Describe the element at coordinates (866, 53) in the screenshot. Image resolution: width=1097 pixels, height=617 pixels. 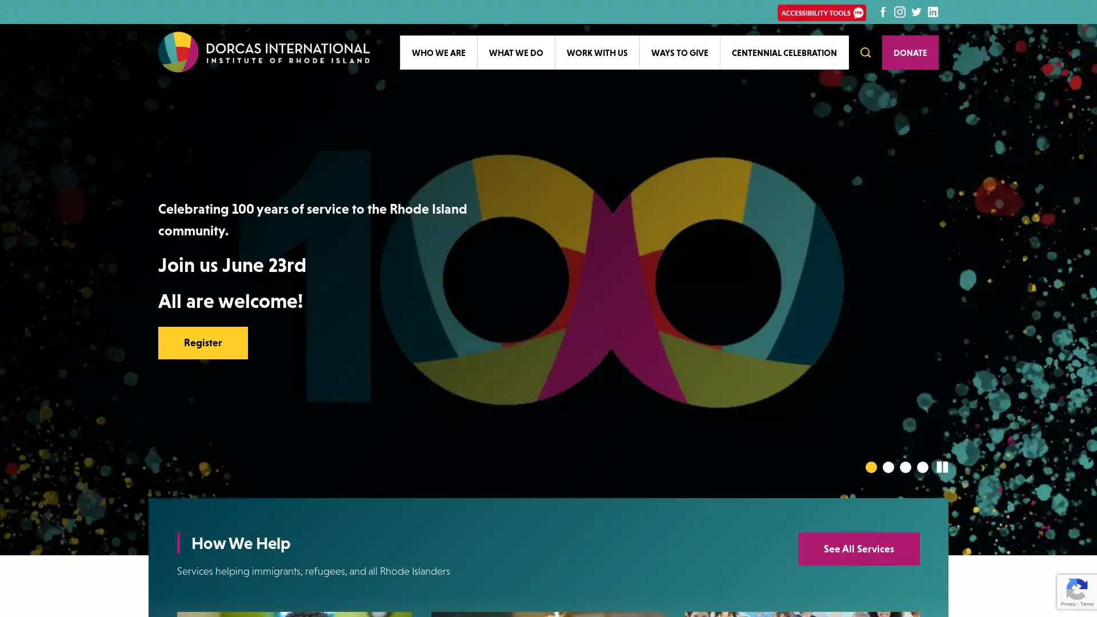
I see `Open Search` at that location.